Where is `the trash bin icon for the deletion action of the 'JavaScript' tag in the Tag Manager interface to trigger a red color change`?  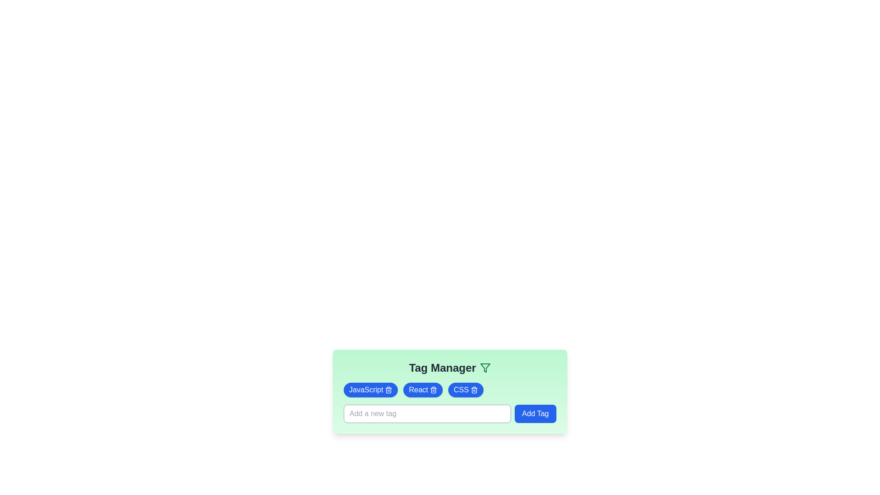 the trash bin icon for the deletion action of the 'JavaScript' tag in the Tag Manager interface to trigger a red color change is located at coordinates (389, 390).